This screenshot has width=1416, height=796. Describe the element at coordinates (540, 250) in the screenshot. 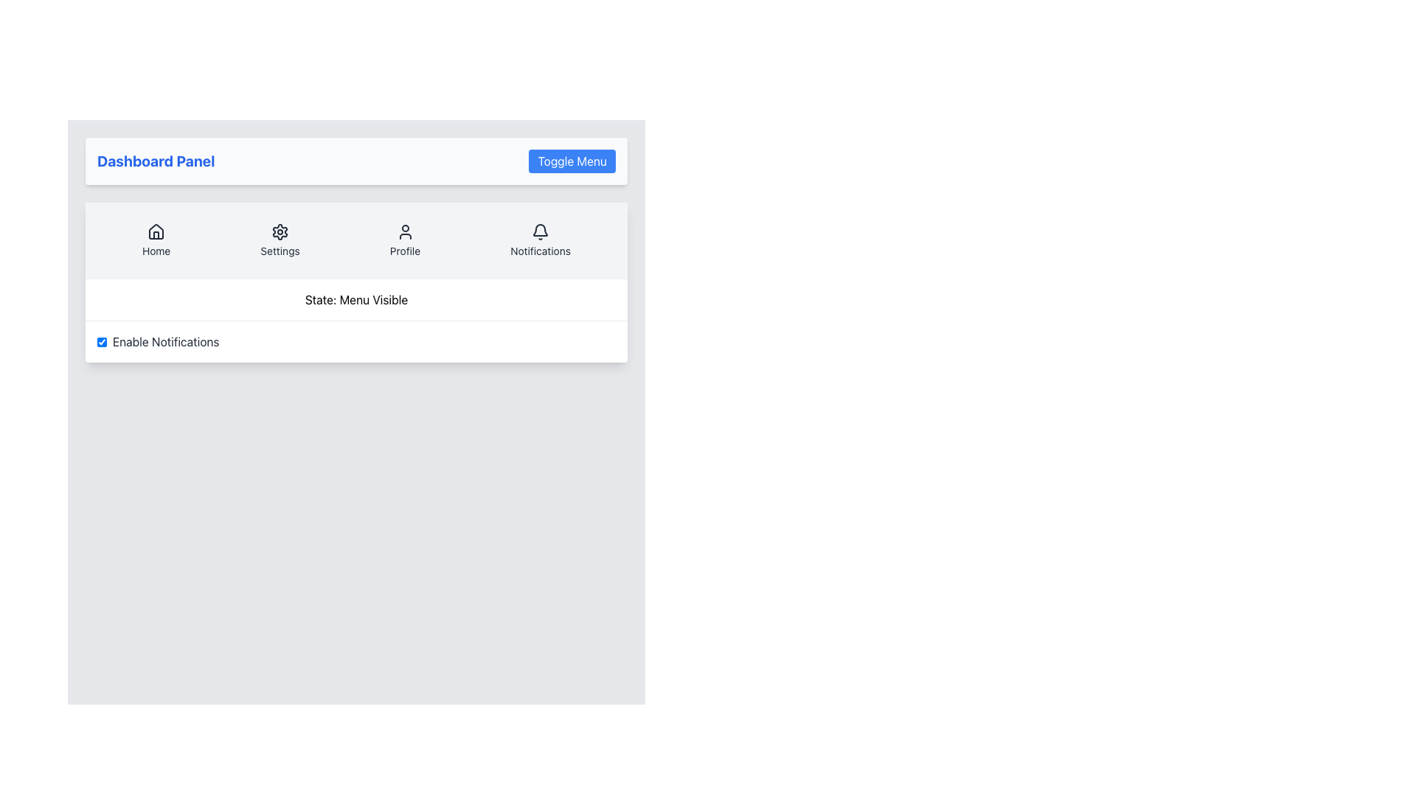

I see `the 'Notifications' text label located below the bell icon in the top-center menu bar of the interface` at that location.